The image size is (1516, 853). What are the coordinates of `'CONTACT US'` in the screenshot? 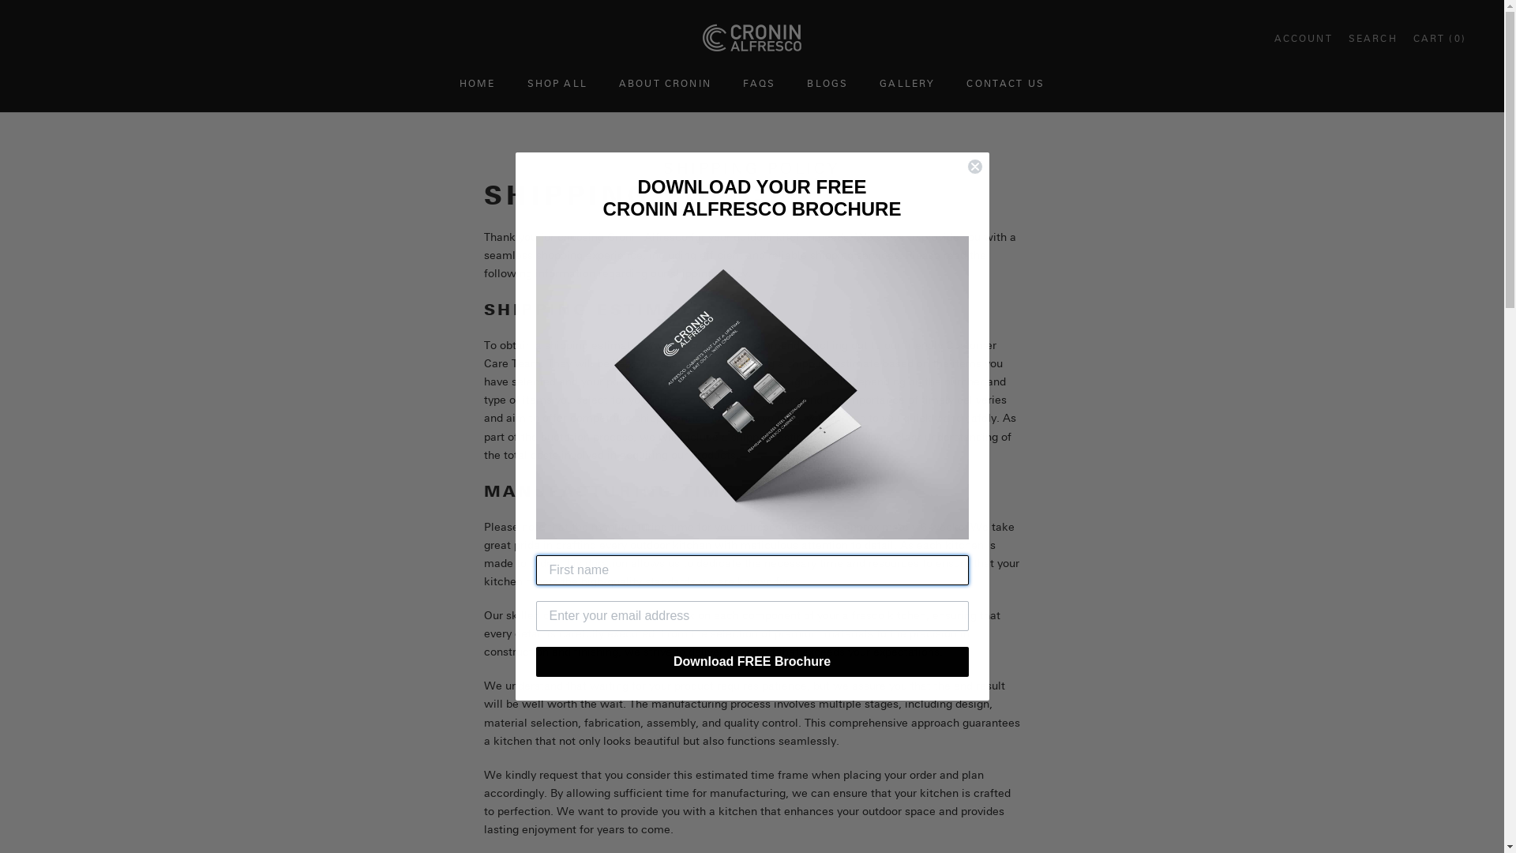 It's located at (1004, 85).